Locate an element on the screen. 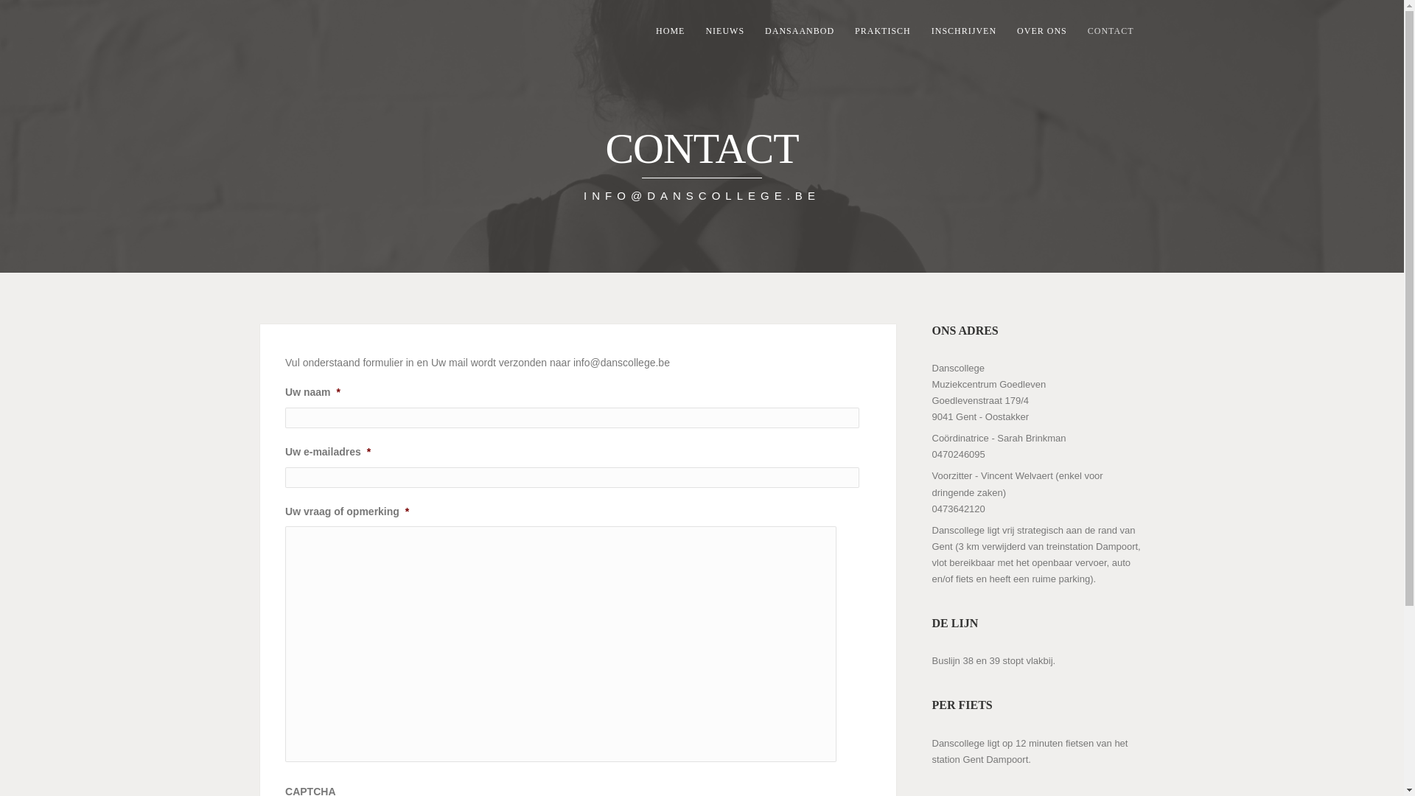 This screenshot has height=796, width=1415. 'INSCHRIJVEN' is located at coordinates (963, 31).